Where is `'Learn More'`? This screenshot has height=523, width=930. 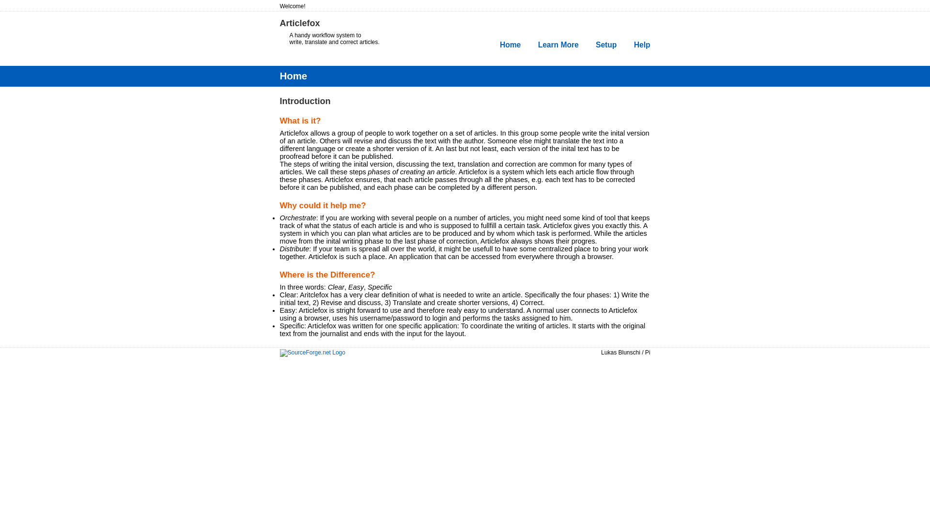
'Learn More' is located at coordinates (558, 45).